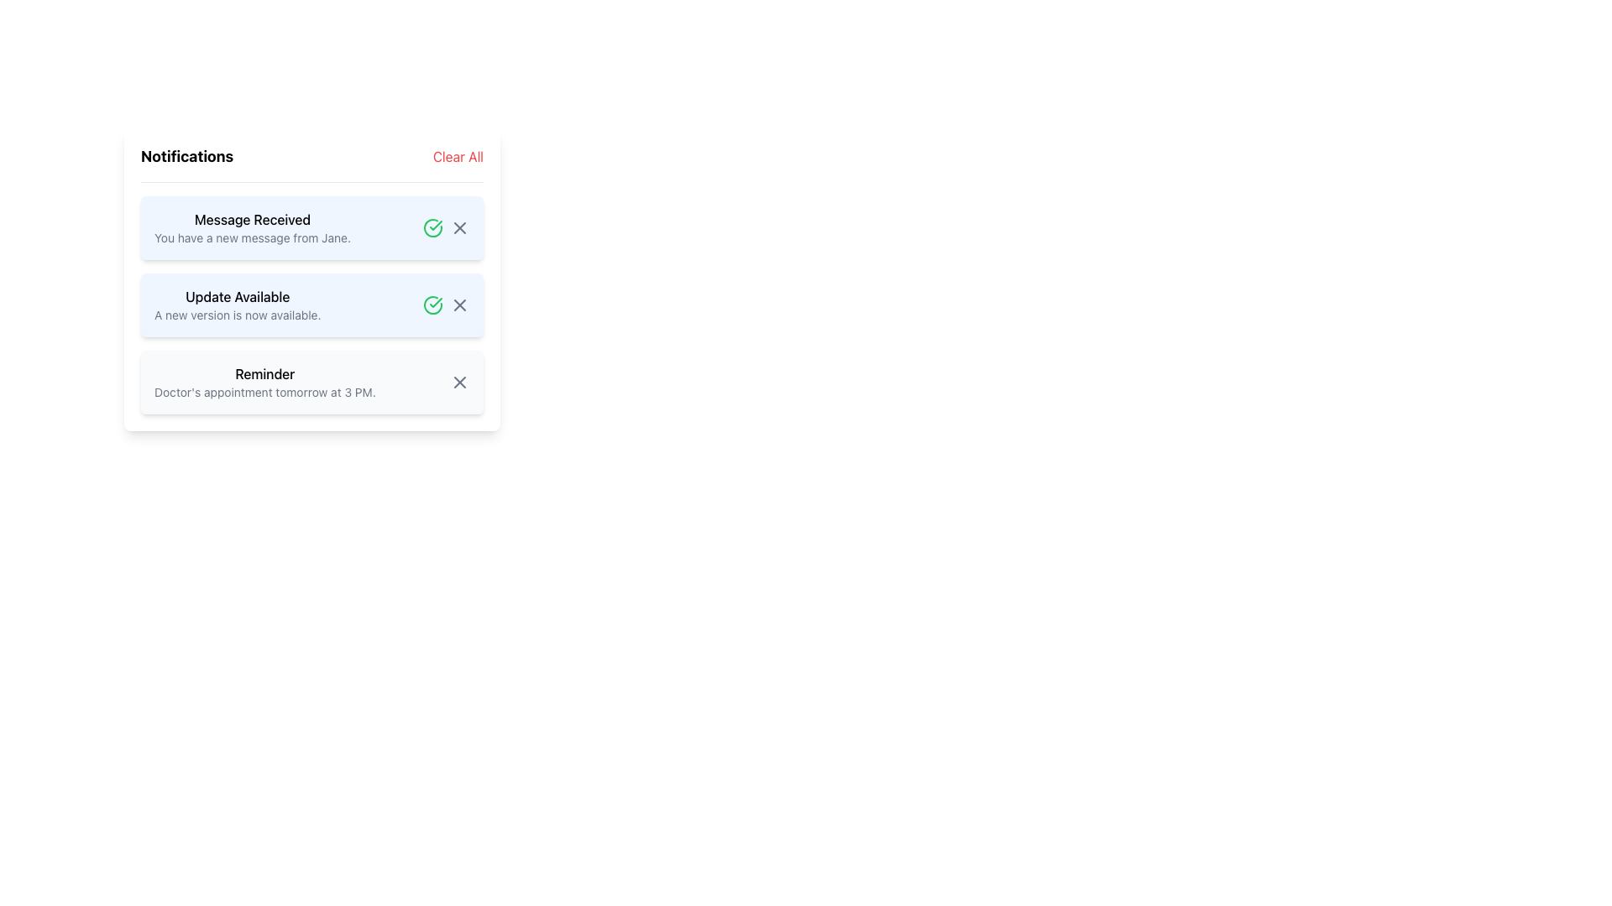  What do you see at coordinates (459, 228) in the screenshot?
I see `the close button located to the right of the 'Message Received' notification entry` at bounding box center [459, 228].